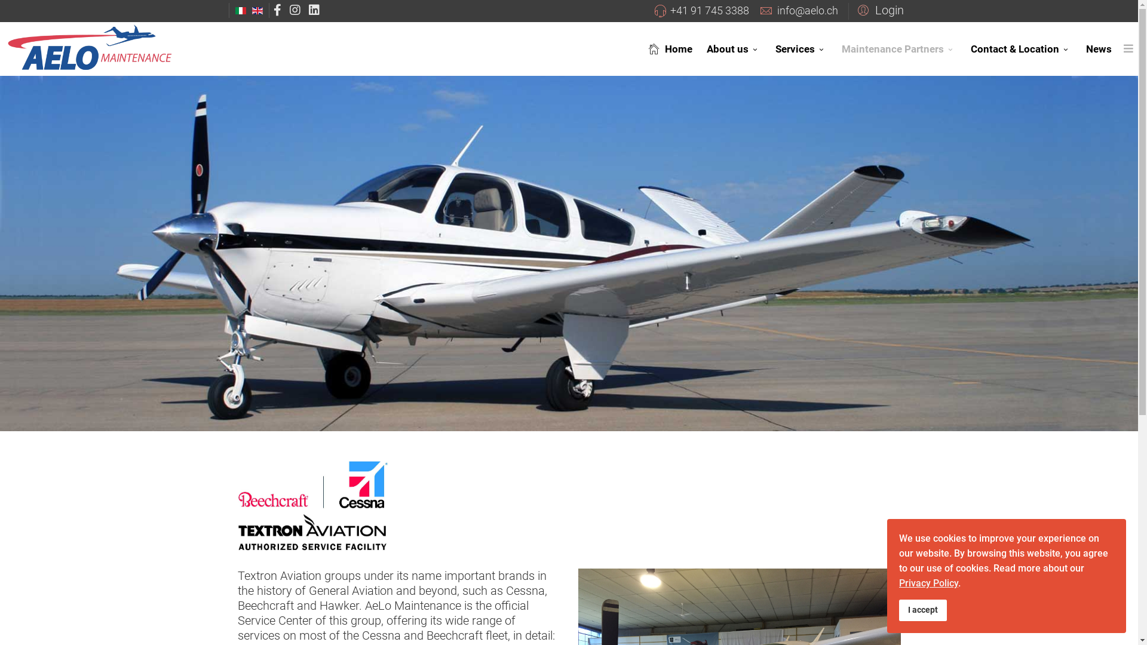  What do you see at coordinates (1020, 48) in the screenshot?
I see `'Contact & Location'` at bounding box center [1020, 48].